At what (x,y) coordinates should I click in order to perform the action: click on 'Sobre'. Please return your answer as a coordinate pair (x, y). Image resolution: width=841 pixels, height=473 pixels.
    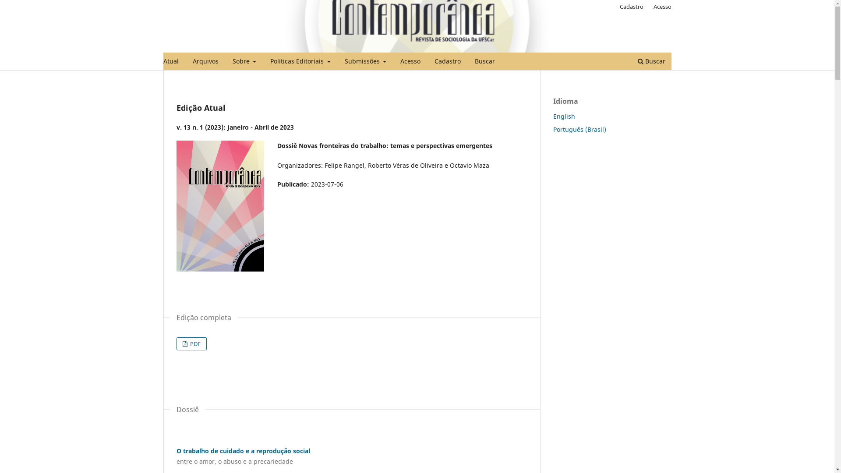
    Looking at the image, I should click on (229, 62).